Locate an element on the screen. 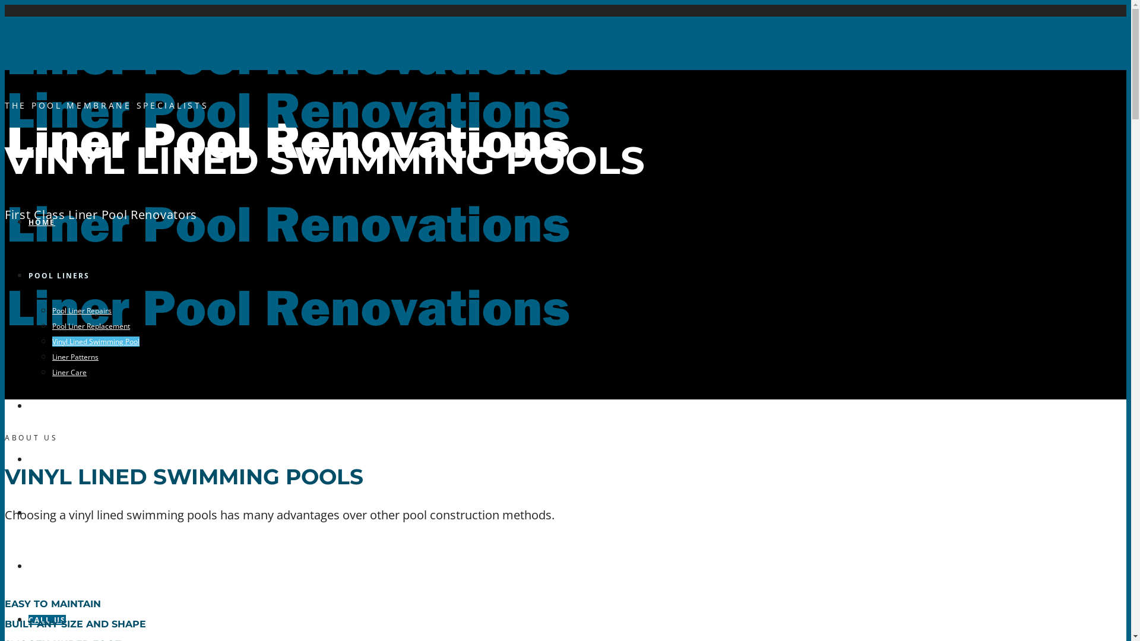 This screenshot has width=1140, height=641. 'Pool Liner Repairs' is located at coordinates (81, 310).